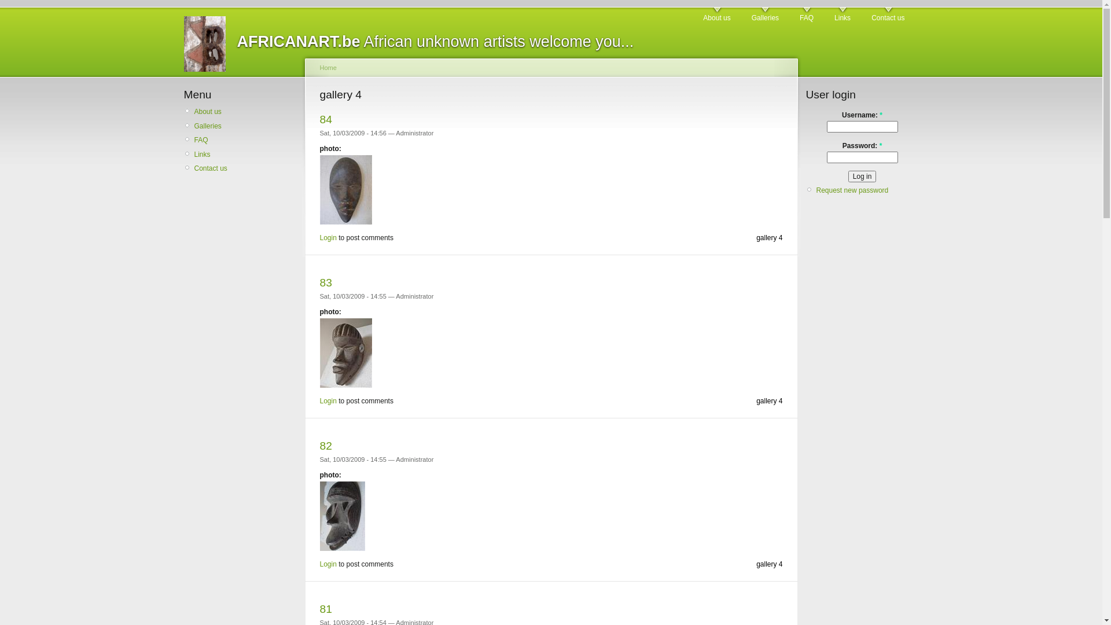 This screenshot has height=625, width=1111. I want to click on 'About us', so click(716, 15).